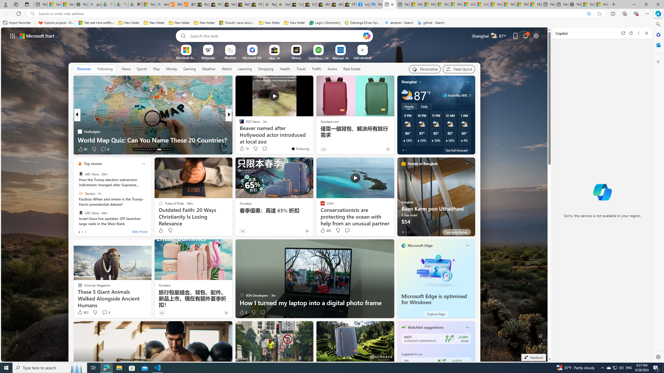 The width and height of the screenshot is (664, 373). I want to click on 'BRAINY DOSE', so click(239, 123).